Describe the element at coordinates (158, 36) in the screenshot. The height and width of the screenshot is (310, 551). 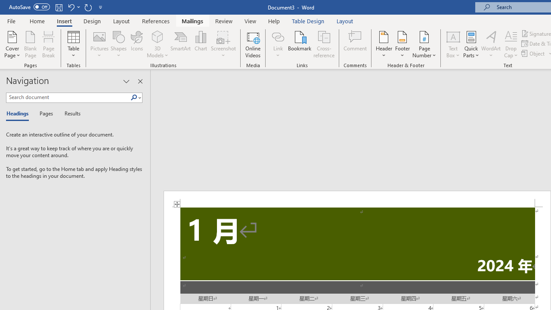
I see `'3D Models'` at that location.